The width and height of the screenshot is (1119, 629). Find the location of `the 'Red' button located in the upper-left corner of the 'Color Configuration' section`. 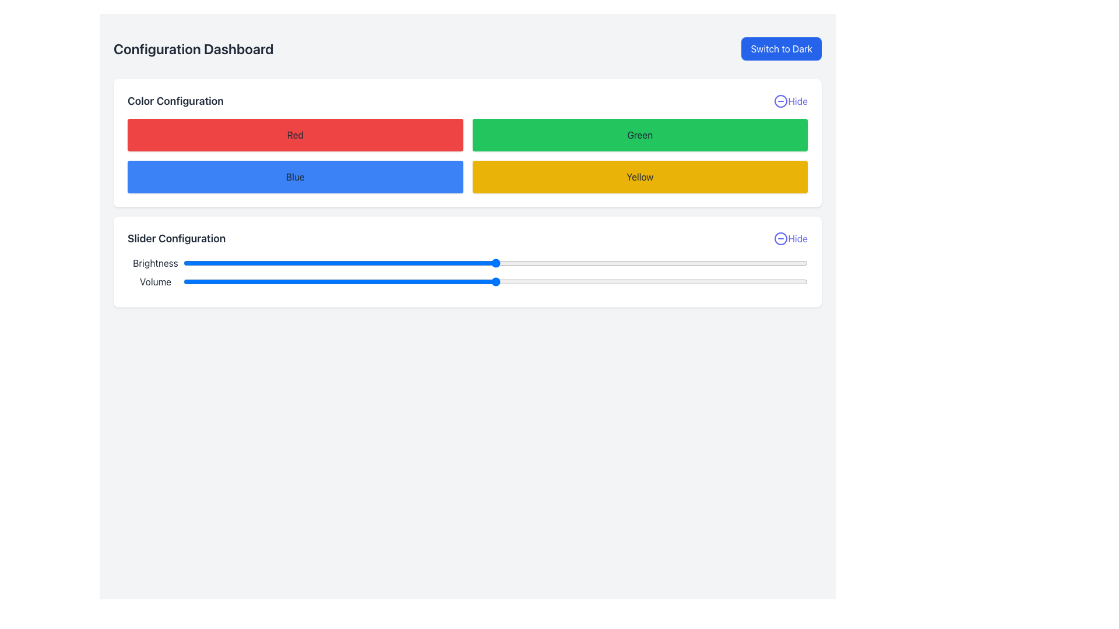

the 'Red' button located in the upper-left corner of the 'Color Configuration' section is located at coordinates (295, 134).